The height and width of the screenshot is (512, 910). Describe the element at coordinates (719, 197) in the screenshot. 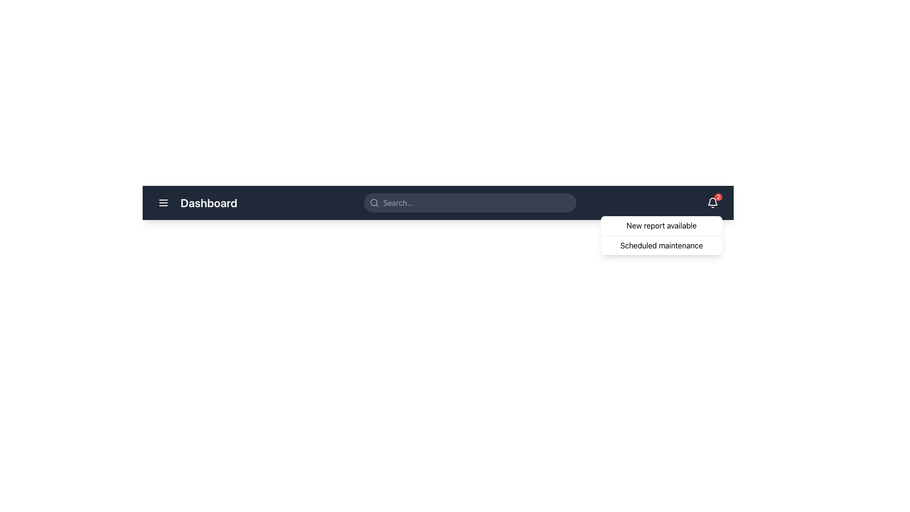

I see `the Notification badge that indicates the number of new or unread notifications associated with the bell icon located at the top-right corner of the bell icon in the navigation bar` at that location.